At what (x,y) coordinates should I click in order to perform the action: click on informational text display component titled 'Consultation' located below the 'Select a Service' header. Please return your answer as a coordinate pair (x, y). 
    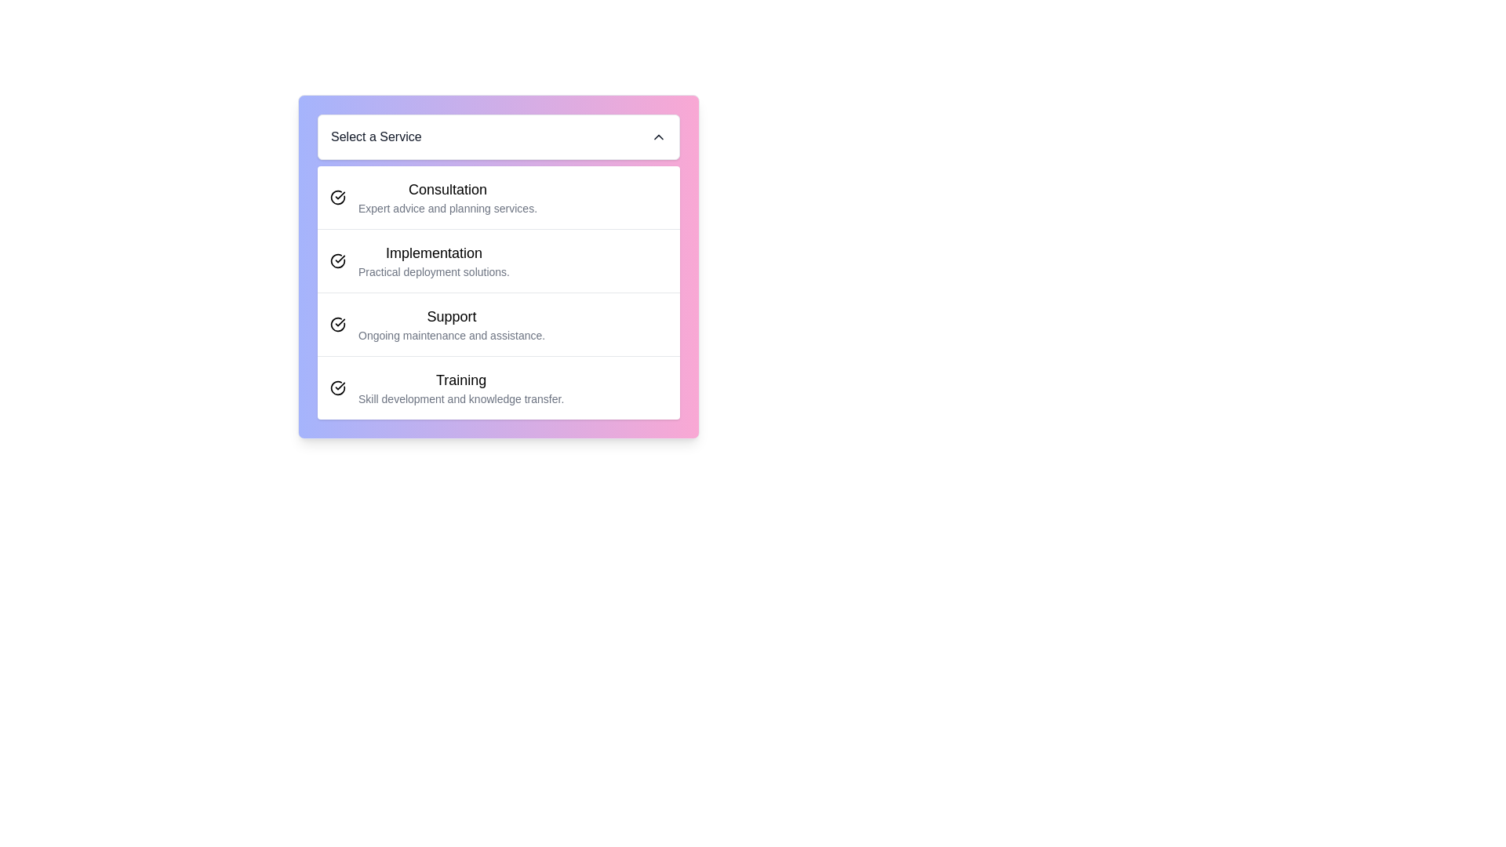
    Looking at the image, I should click on (447, 196).